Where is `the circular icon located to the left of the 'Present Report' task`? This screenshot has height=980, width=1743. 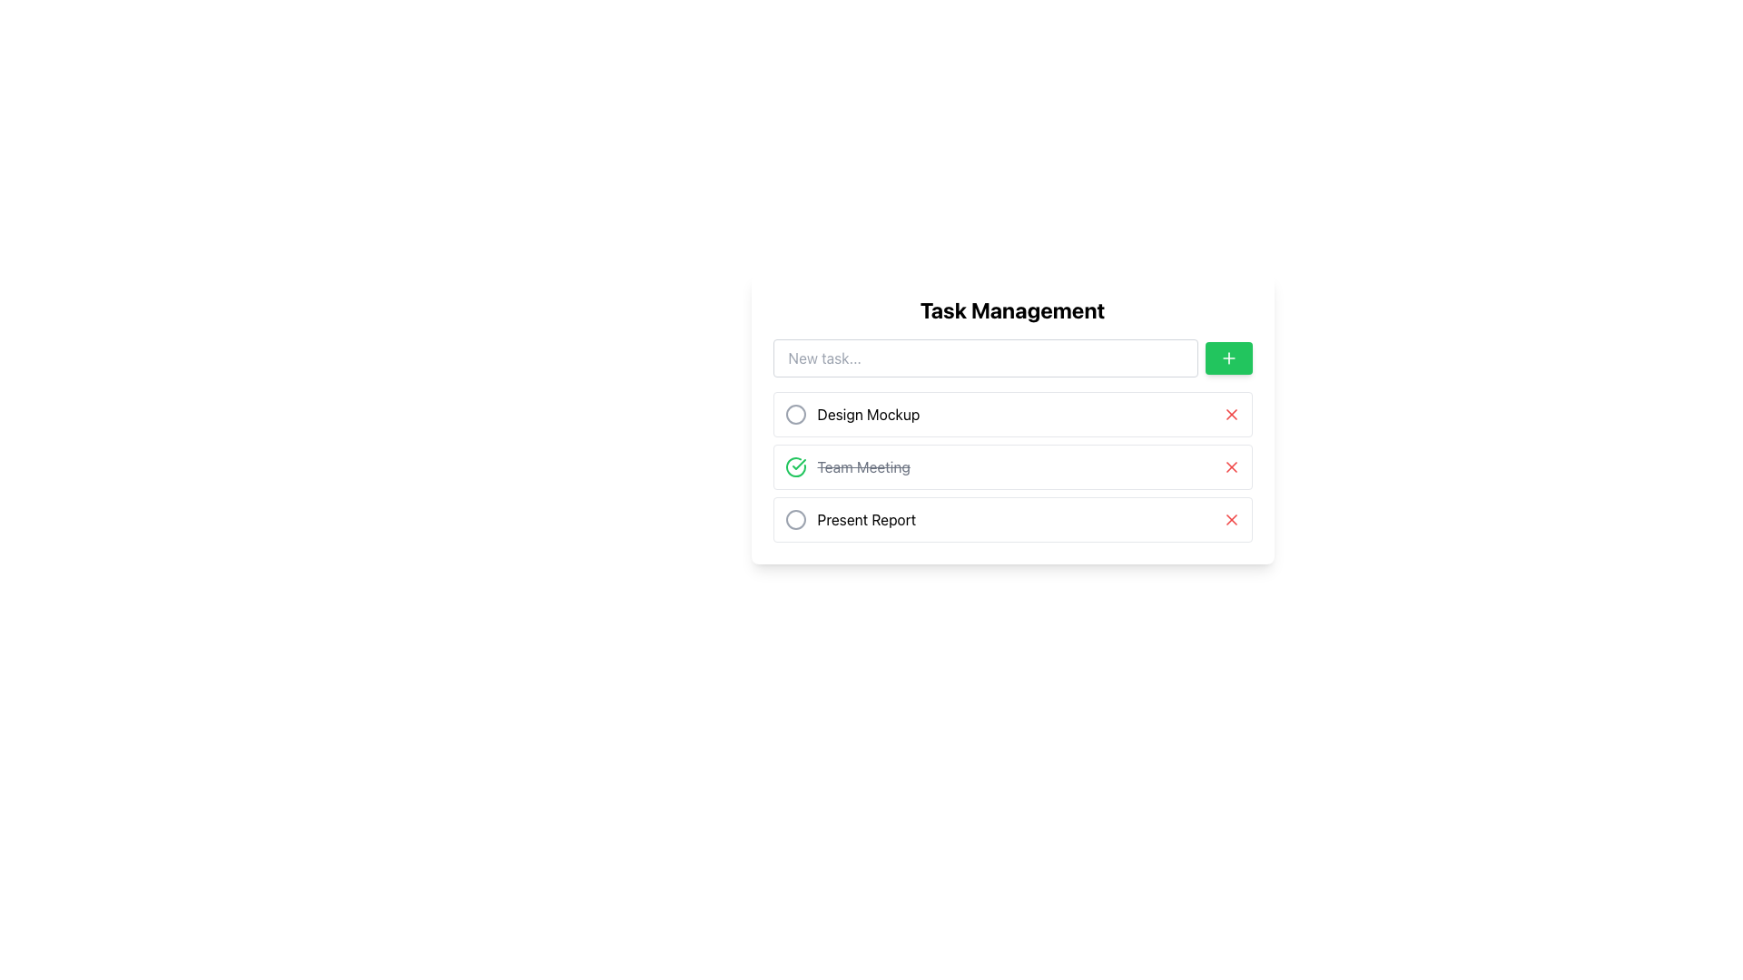
the circular icon located to the left of the 'Present Report' task is located at coordinates (795, 520).